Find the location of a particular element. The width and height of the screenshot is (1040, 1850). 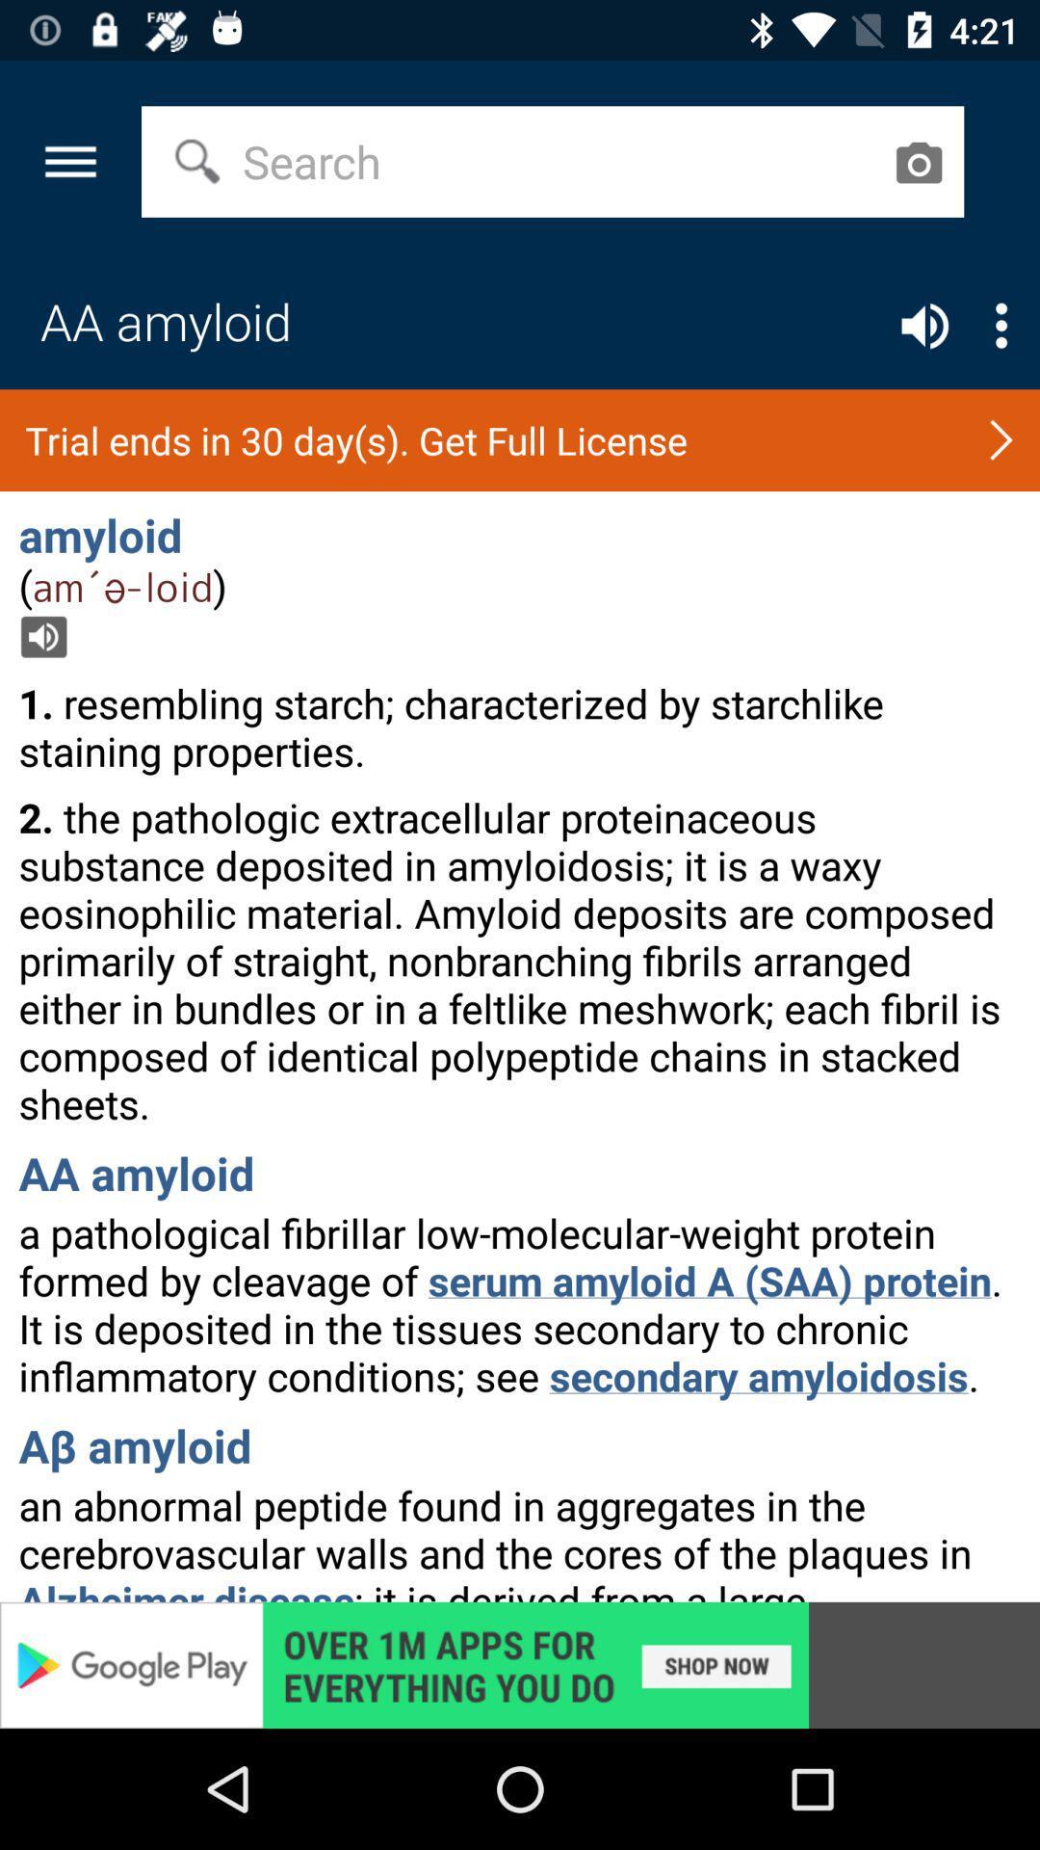

list button is located at coordinates (1001, 326).